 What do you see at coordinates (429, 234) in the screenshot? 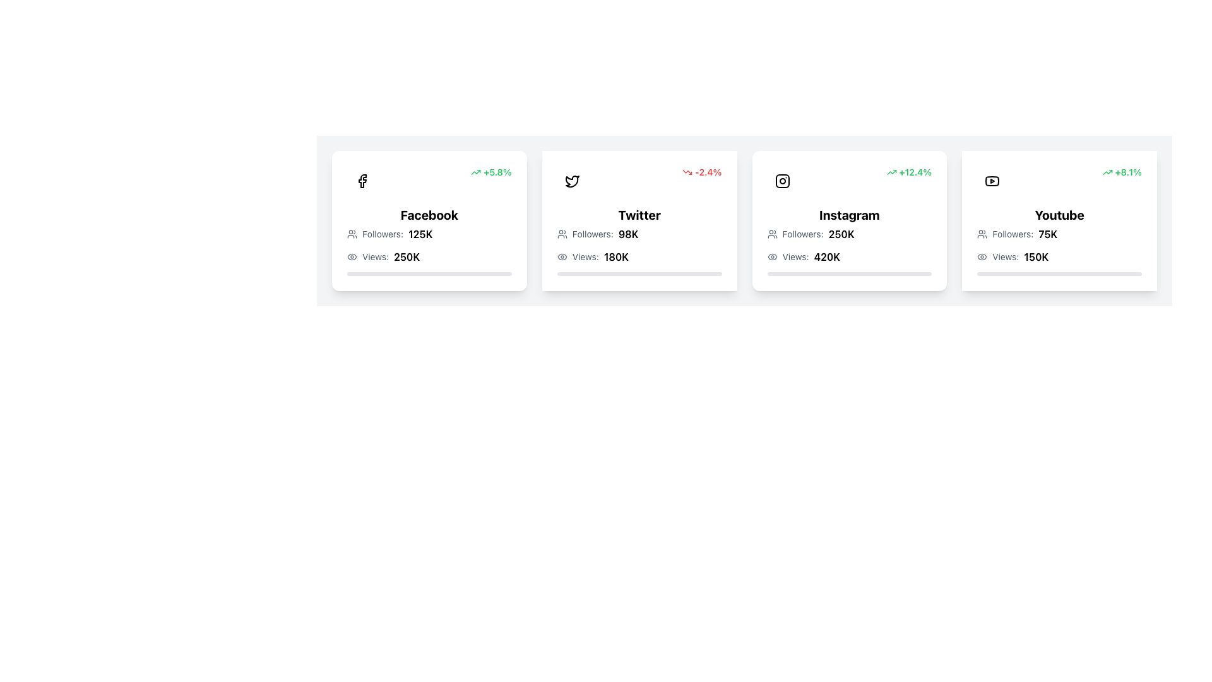
I see `displayed number of followers for the 'Facebook' card located above the 'Views: 250K' text line in the lower part of the Facebook card` at bounding box center [429, 234].